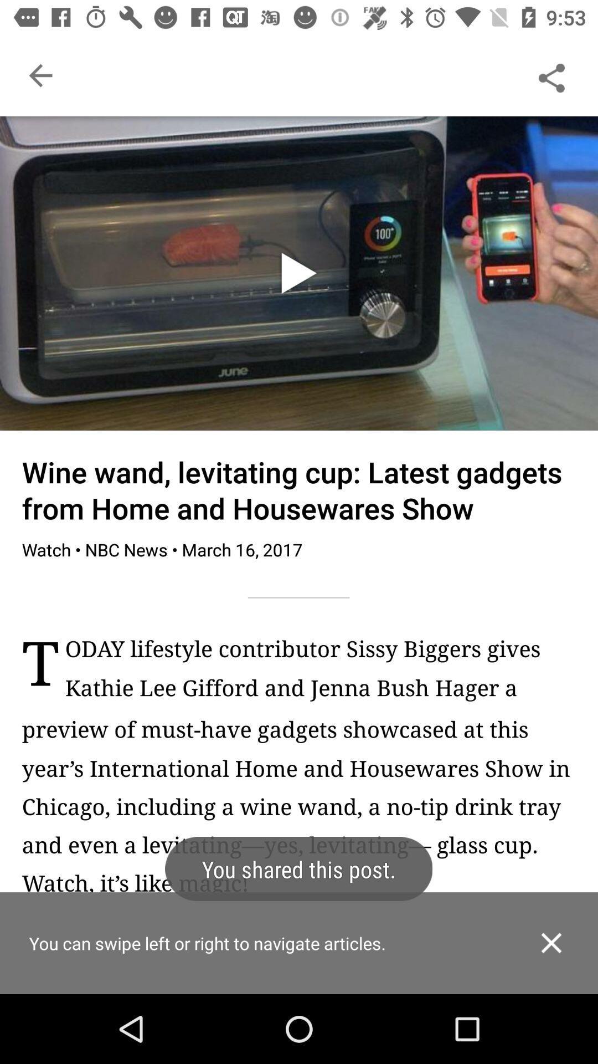  I want to click on search, so click(551, 75).